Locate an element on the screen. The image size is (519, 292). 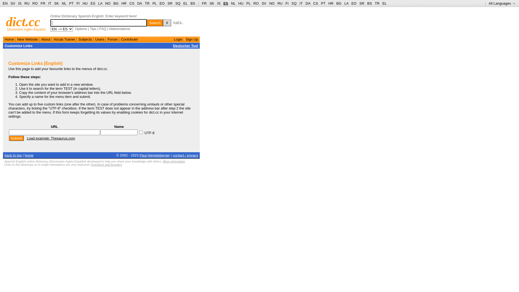
'RU' is located at coordinates (280, 3).